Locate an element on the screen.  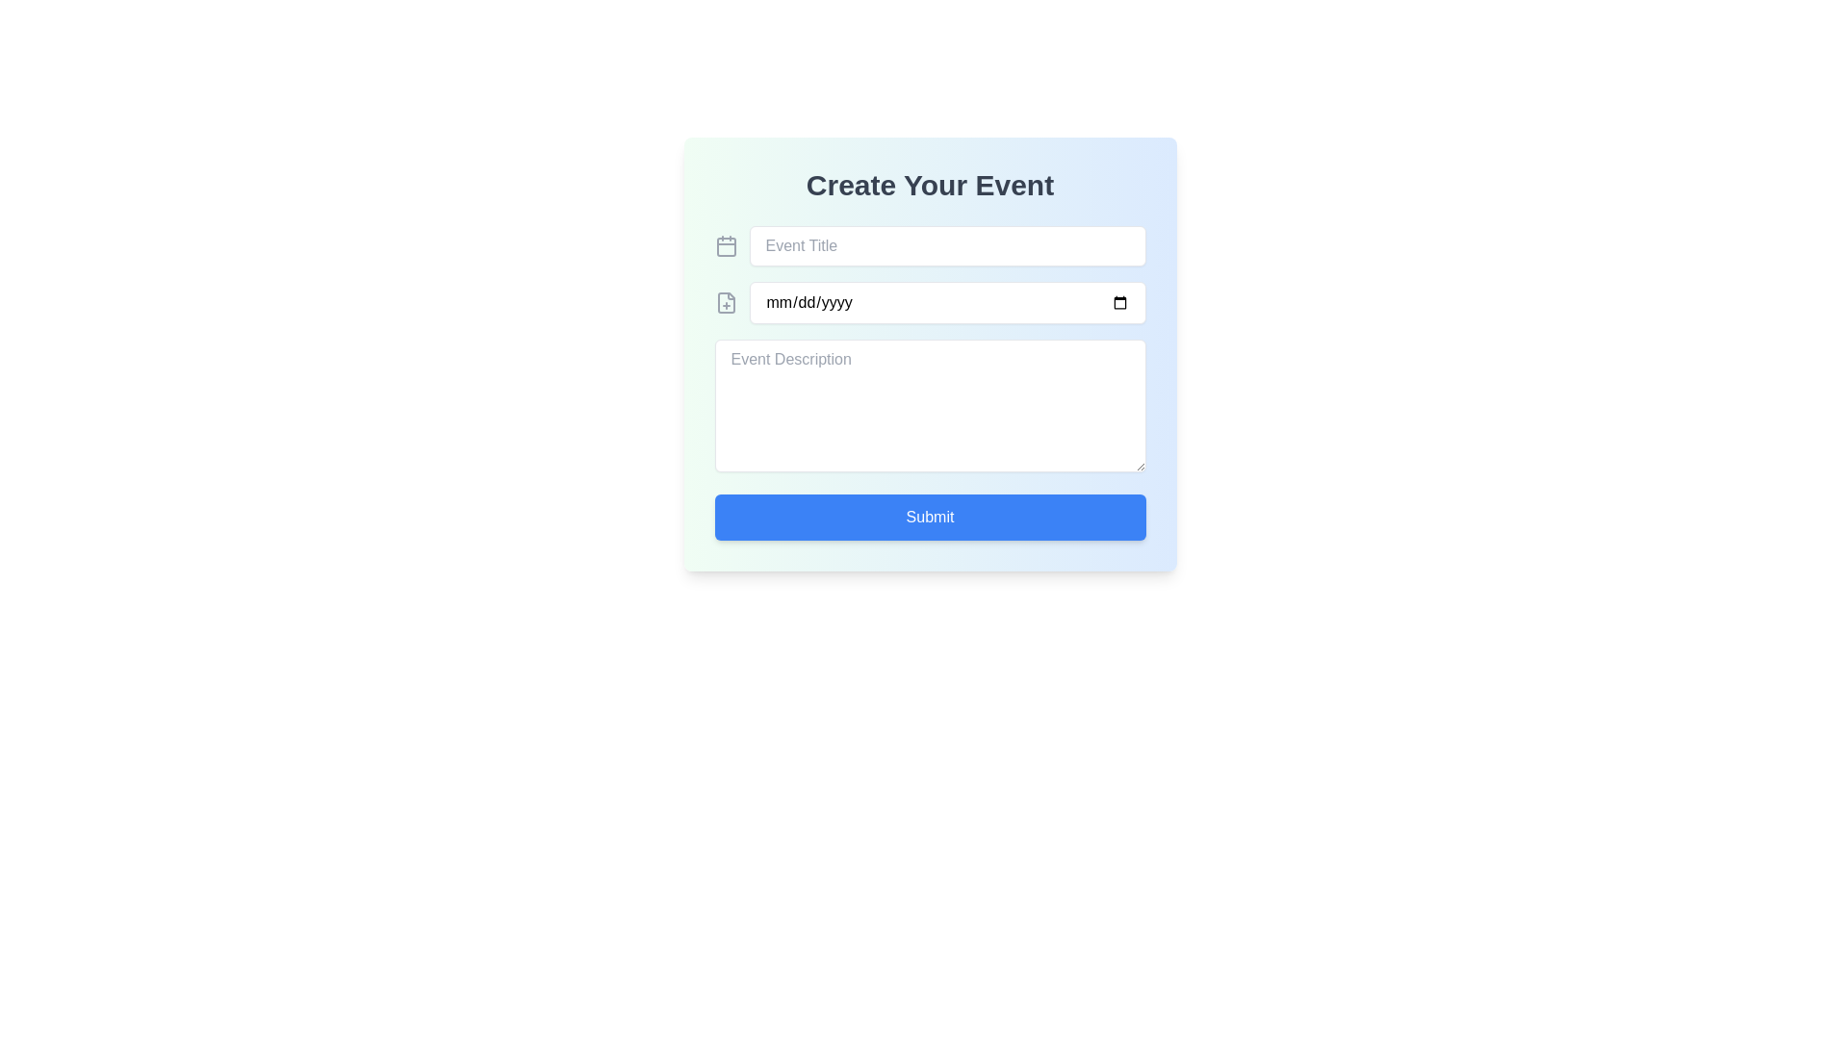
the decorative icon located to the left of the 'Event Title' input field in the 'Create Your Event' form is located at coordinates (725, 244).